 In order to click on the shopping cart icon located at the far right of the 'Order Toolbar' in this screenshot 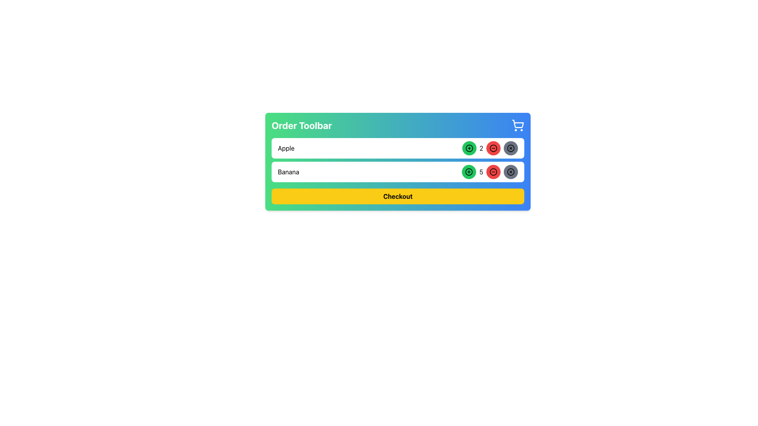, I will do `click(518, 125)`.